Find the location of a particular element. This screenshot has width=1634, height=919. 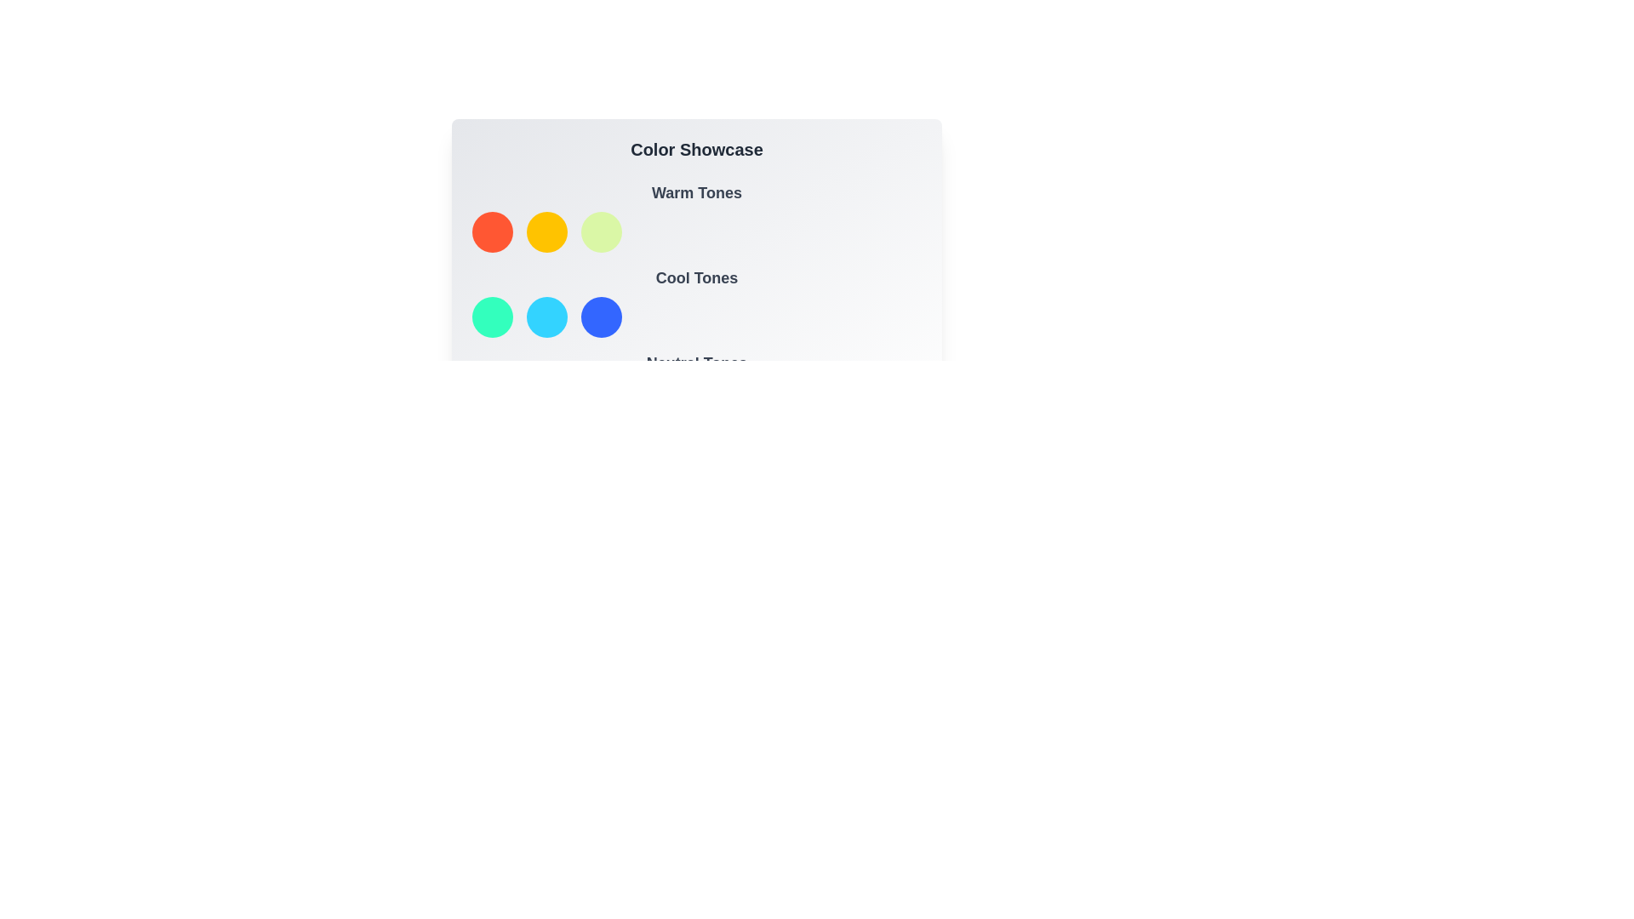

the interactive light gray circular button located beneath the 'Neutral Tones' section in the color showcase interface is located at coordinates (492, 402).